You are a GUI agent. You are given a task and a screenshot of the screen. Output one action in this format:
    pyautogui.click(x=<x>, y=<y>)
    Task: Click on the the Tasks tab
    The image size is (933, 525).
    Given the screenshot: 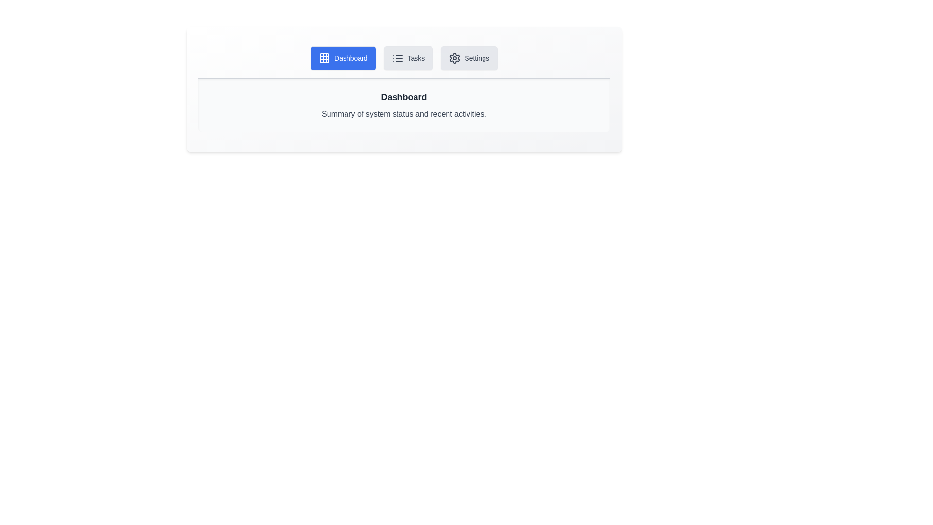 What is the action you would take?
    pyautogui.click(x=408, y=58)
    